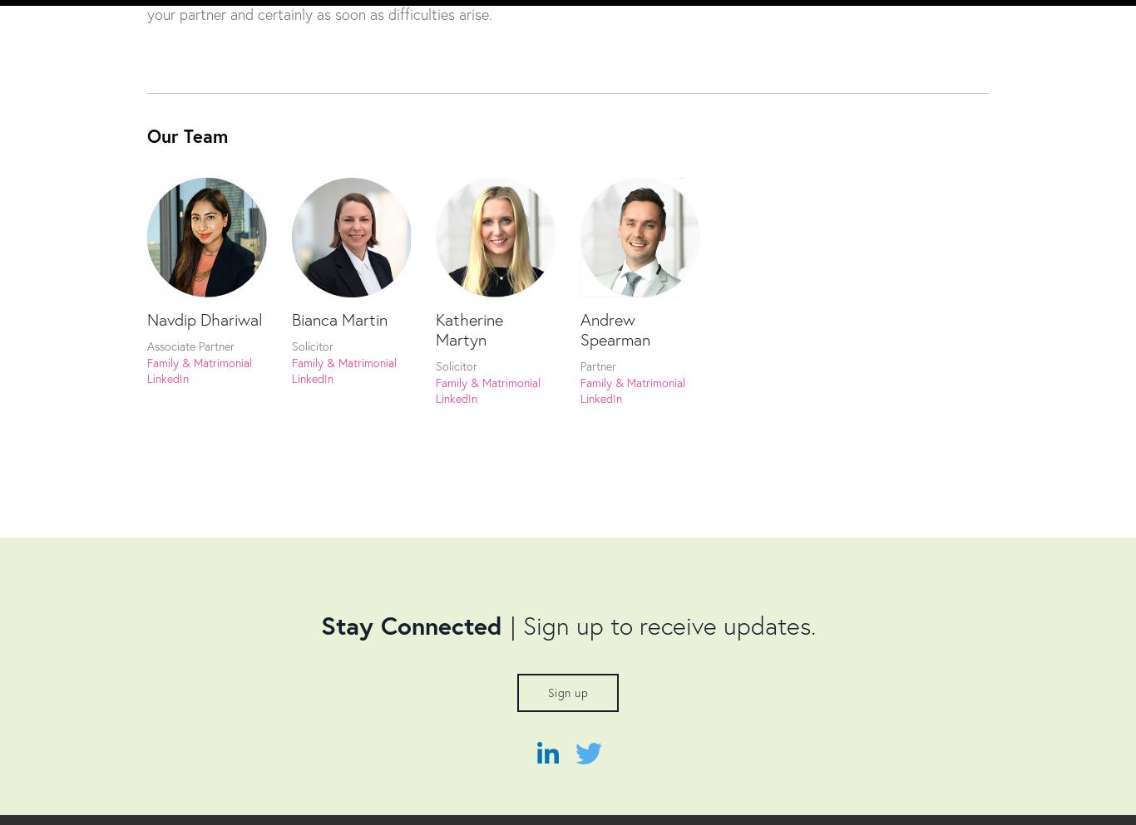 Image resolution: width=1136 pixels, height=825 pixels. Describe the element at coordinates (338, 317) in the screenshot. I see `'Bianca Martin'` at that location.